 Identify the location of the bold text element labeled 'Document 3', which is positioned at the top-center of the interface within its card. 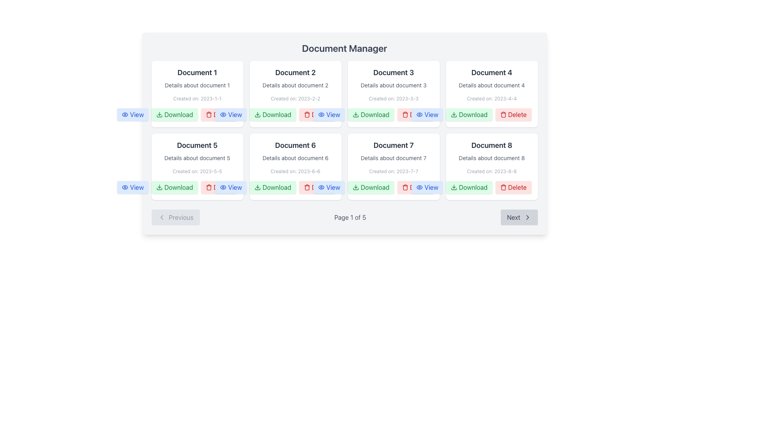
(393, 73).